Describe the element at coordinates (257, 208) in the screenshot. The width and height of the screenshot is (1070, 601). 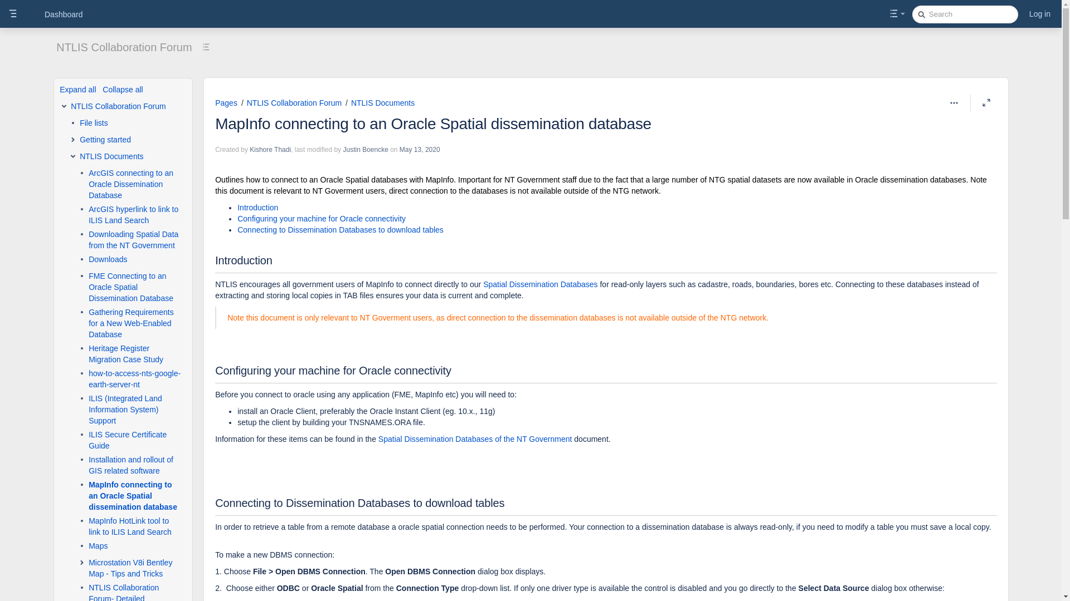
I see `'Introduction'` at that location.